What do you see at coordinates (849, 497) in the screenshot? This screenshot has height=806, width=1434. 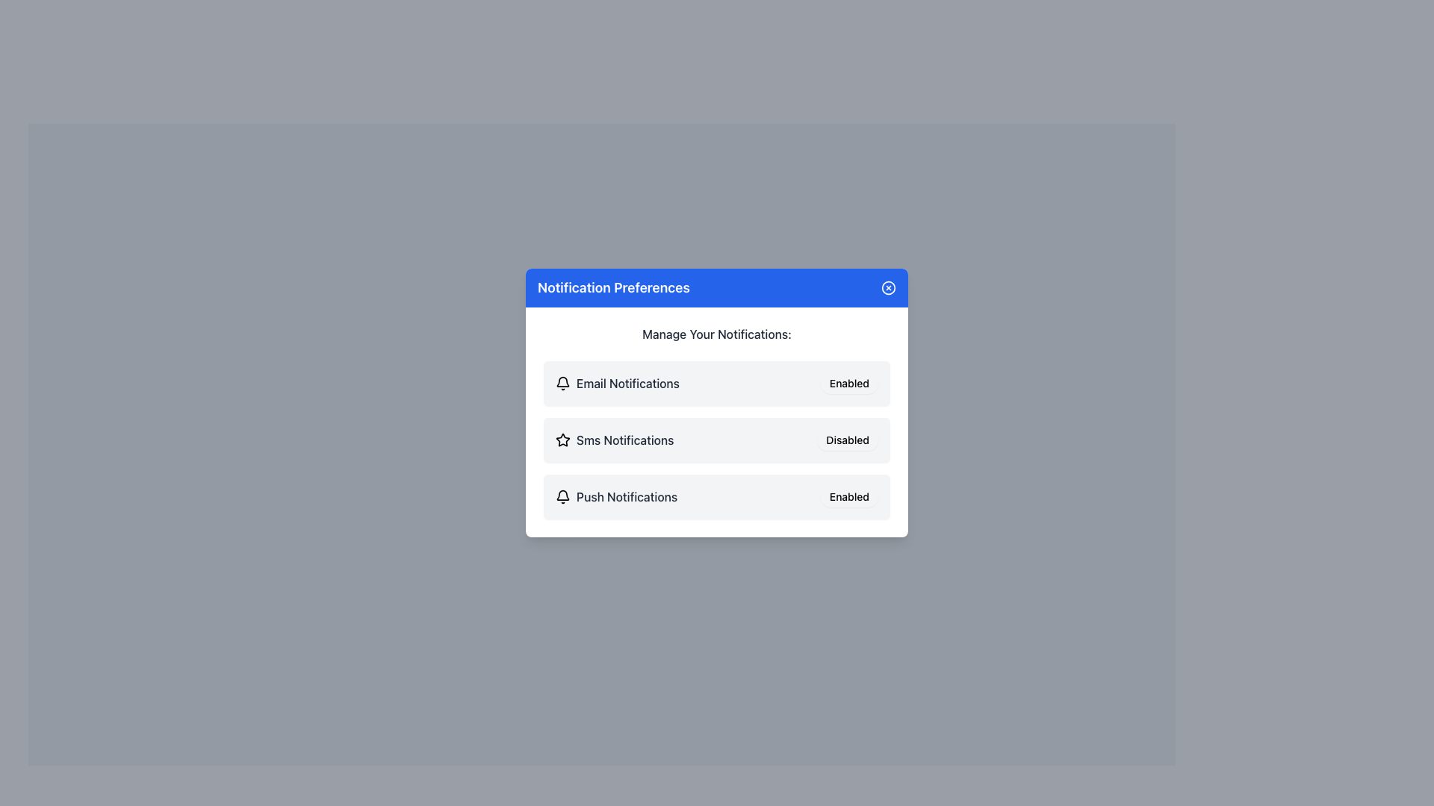 I see `the toggle button for Push Notifications, which indicates whether the feature is enabled` at bounding box center [849, 497].